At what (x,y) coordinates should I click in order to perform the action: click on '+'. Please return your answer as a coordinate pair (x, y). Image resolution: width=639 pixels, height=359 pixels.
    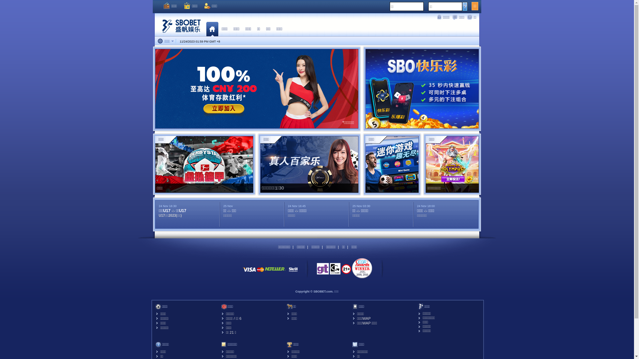
    Looking at the image, I should click on (217, 41).